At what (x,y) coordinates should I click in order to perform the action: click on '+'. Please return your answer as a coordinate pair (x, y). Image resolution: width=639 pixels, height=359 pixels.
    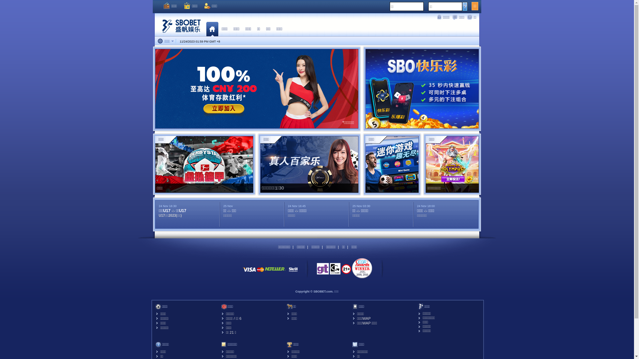
    Looking at the image, I should click on (217, 41).